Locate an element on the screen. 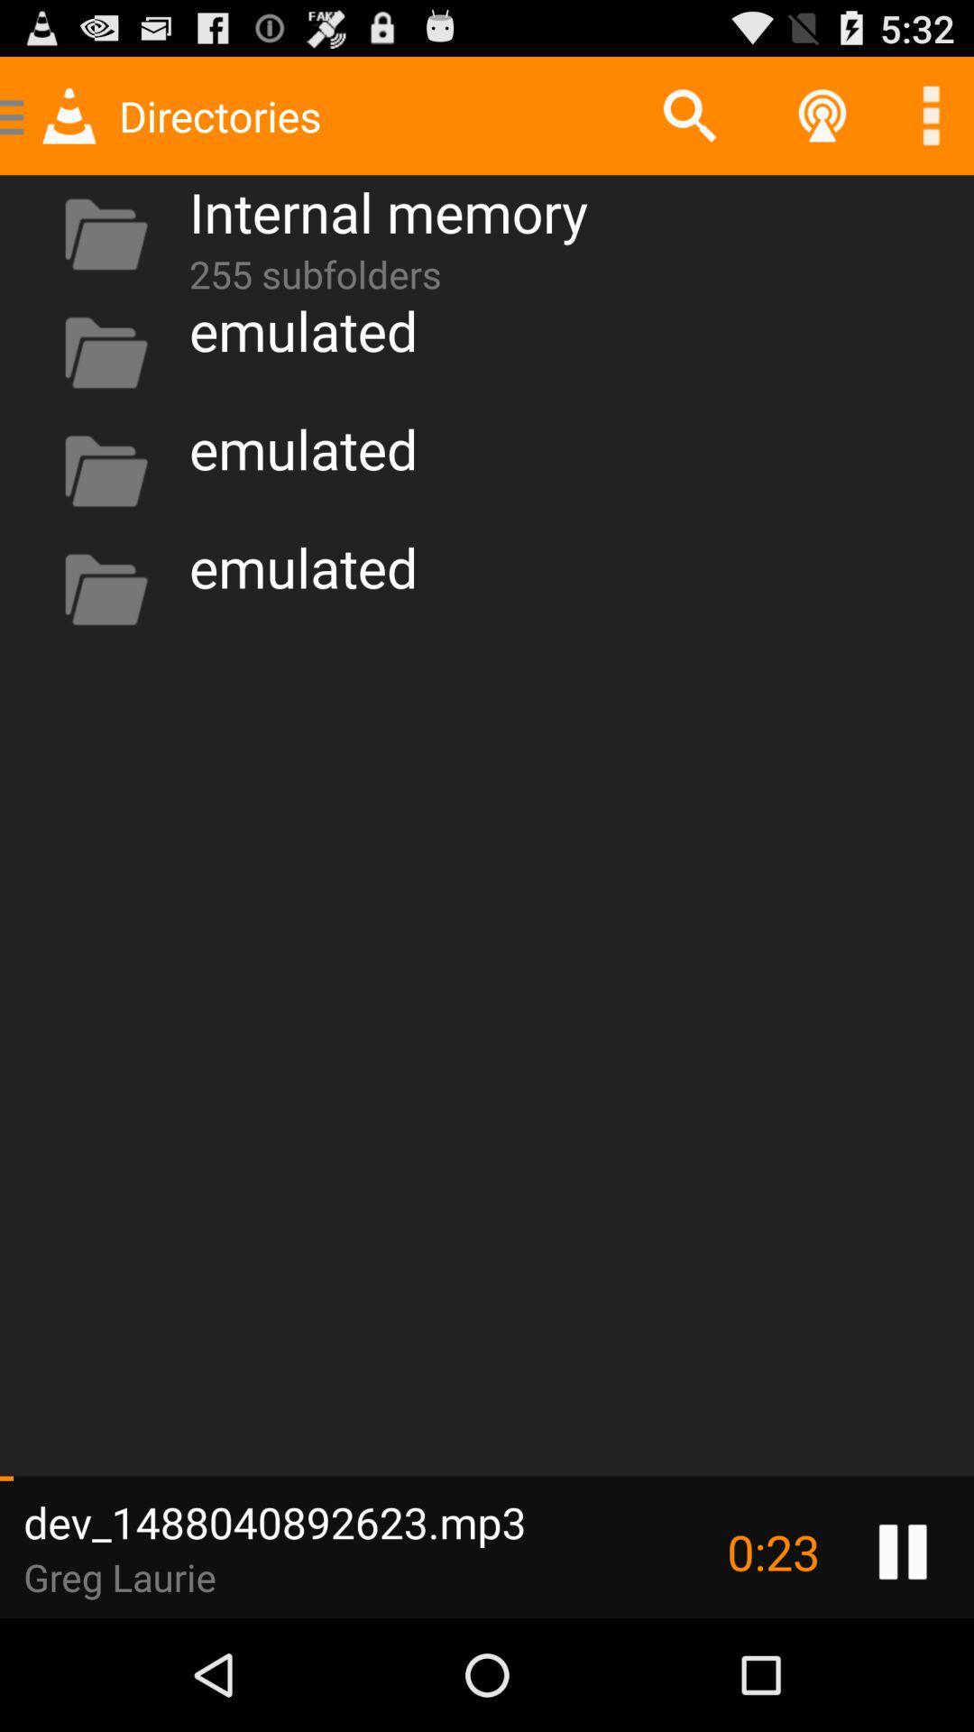  icon next to the 0:24 item is located at coordinates (903, 1551).